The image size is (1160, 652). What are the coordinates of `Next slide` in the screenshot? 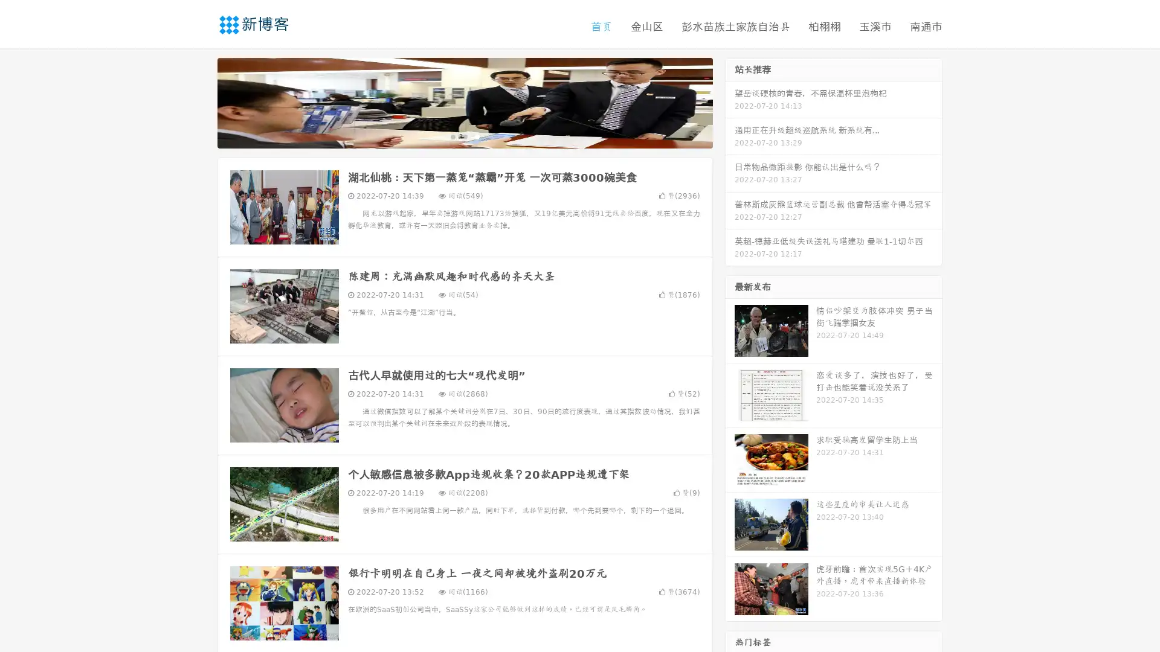 It's located at (730, 101).